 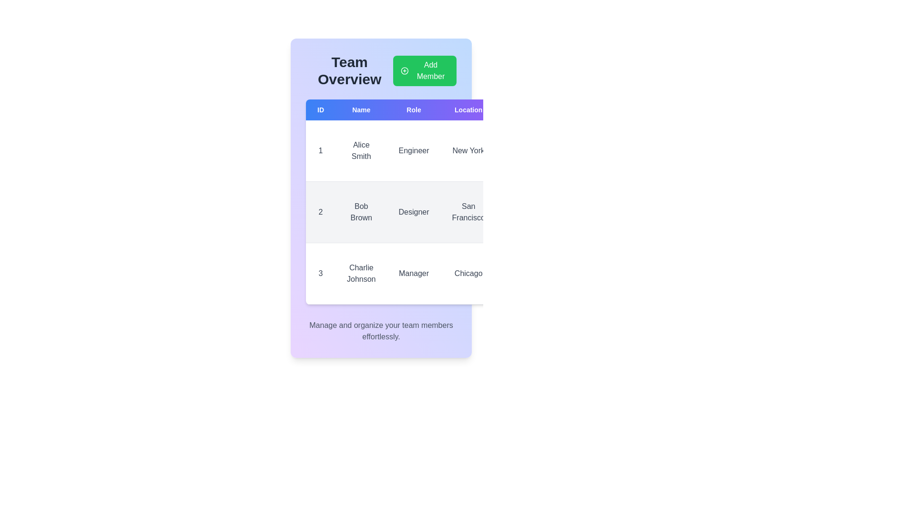 I want to click on the static text label displaying 'Engineer' in the 'Role' column for the entry 'Alice Smith', so click(x=414, y=150).